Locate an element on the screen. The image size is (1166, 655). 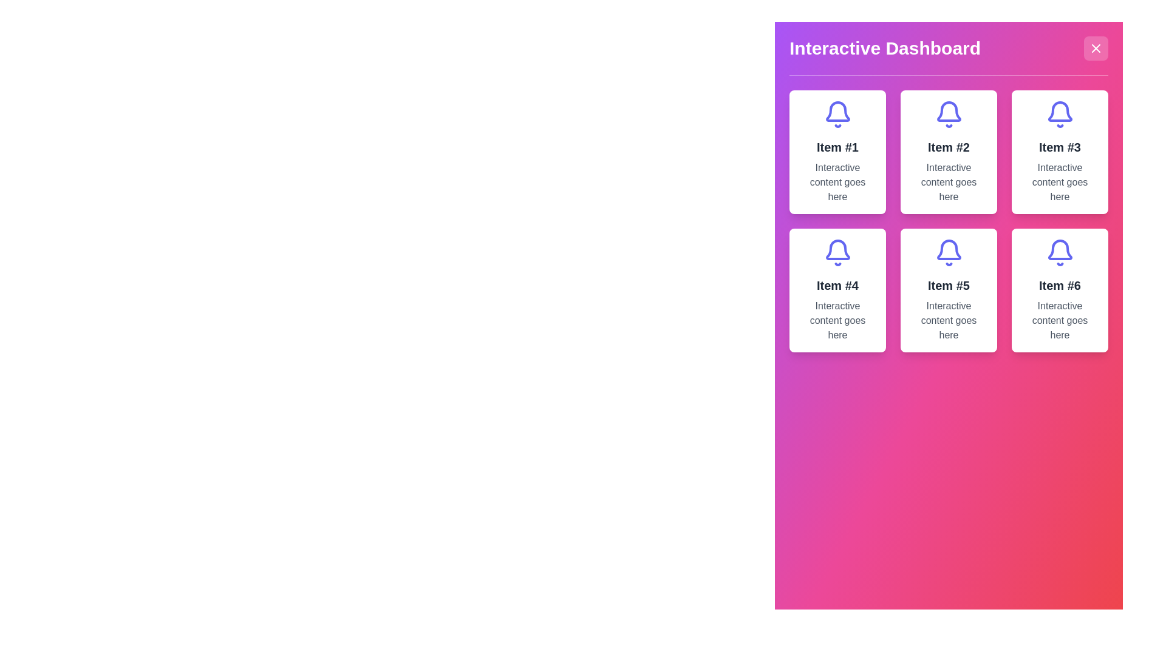
the text label displaying 'Item #4', which is styled in gray and positioned is located at coordinates (837, 285).